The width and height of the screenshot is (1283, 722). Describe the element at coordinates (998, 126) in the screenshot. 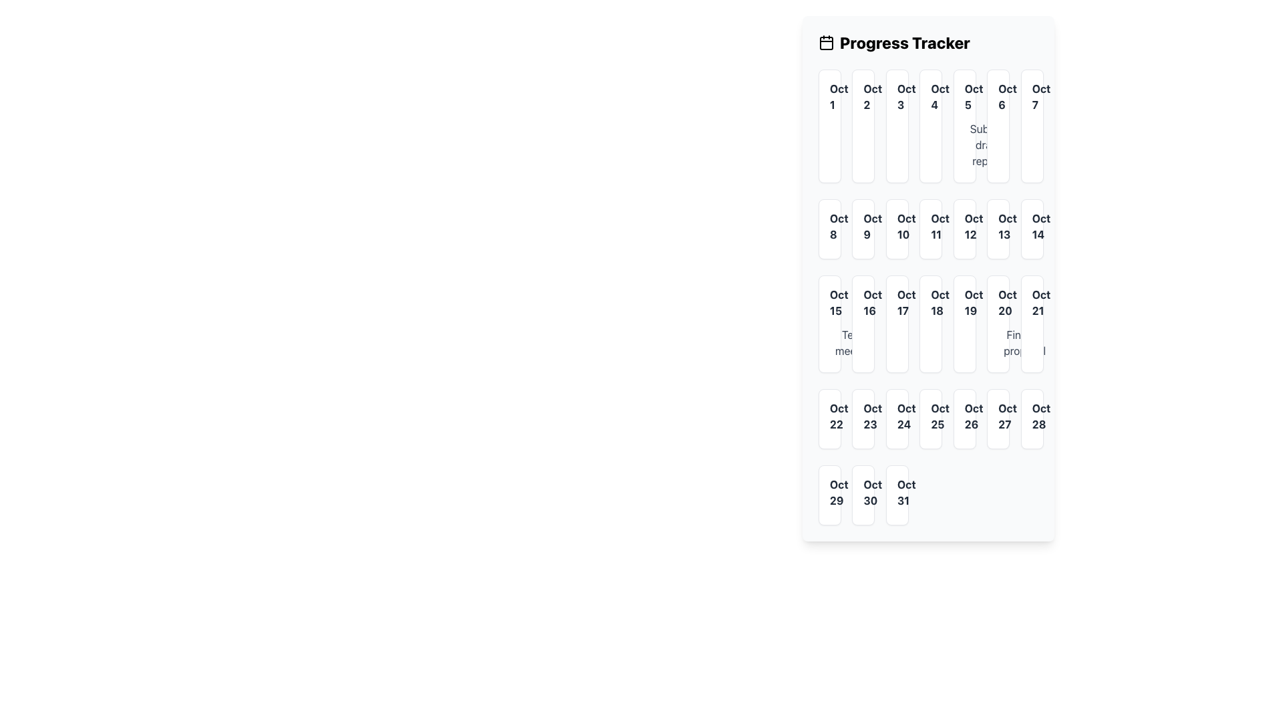

I see `the Calendar day card displaying 'Oct 6', which is a white rectangular card with rounded corners in the first row and sixth column of the grid` at that location.